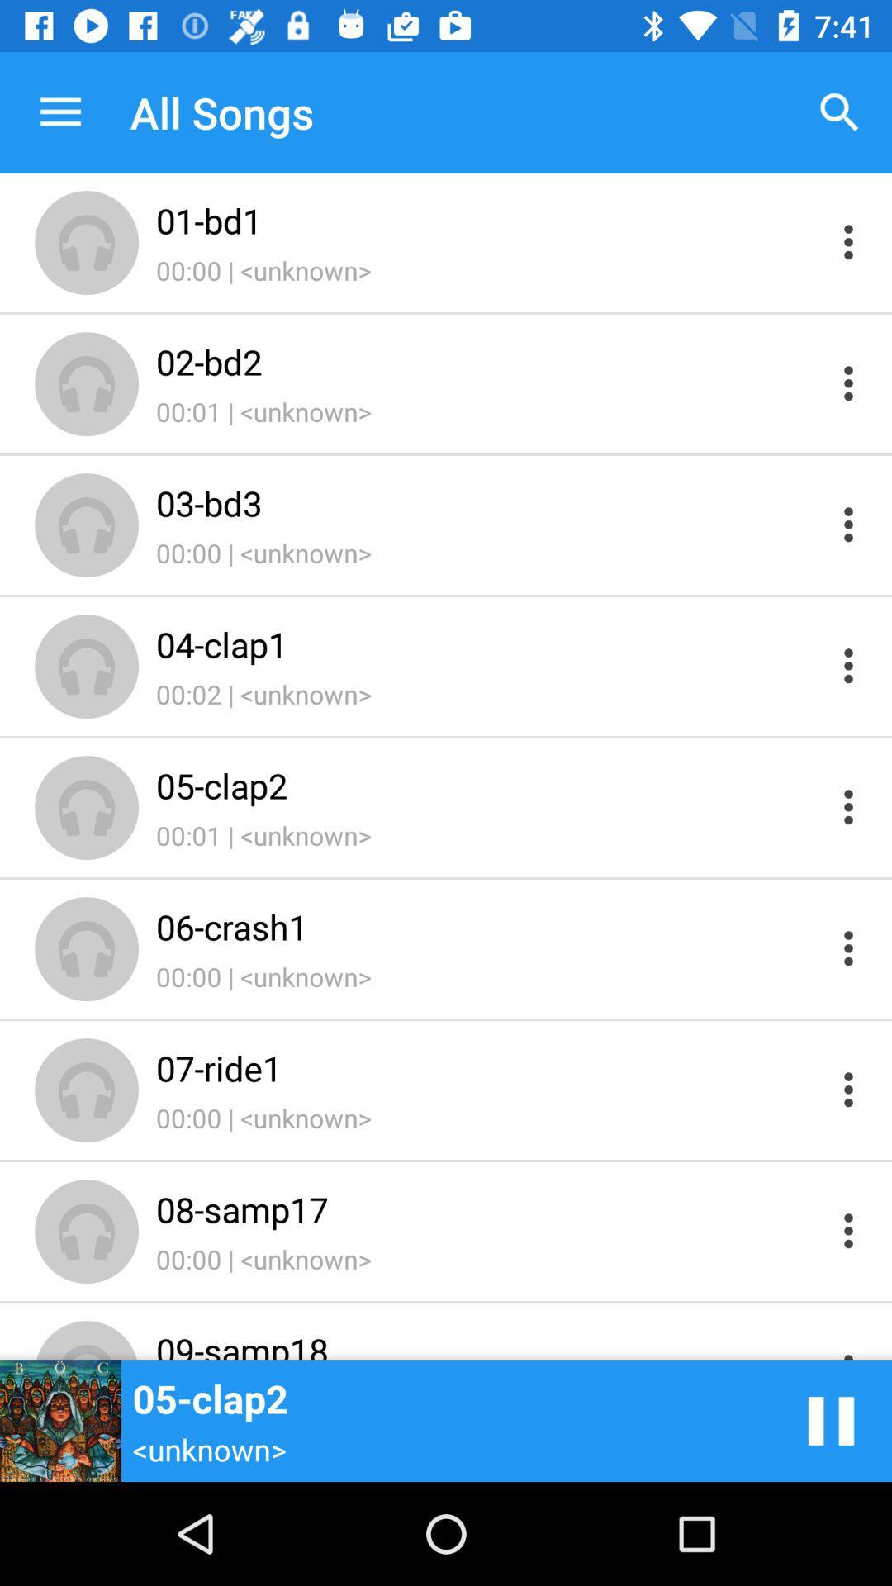  What do you see at coordinates (848, 241) in the screenshot?
I see `opens a menu` at bounding box center [848, 241].